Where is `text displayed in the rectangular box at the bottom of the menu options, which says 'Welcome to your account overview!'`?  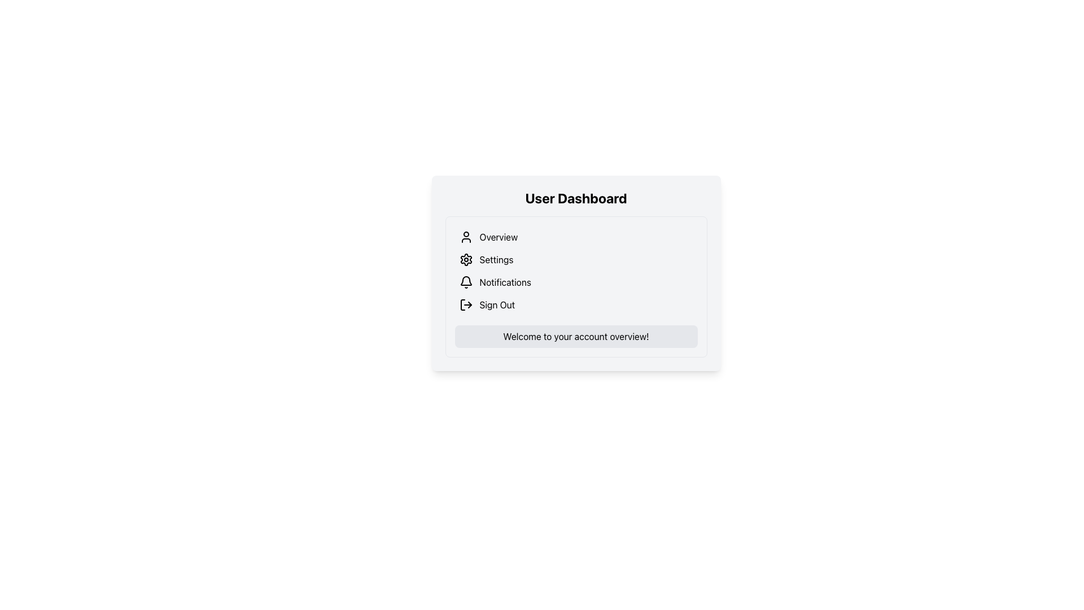
text displayed in the rectangular box at the bottom of the menu options, which says 'Welcome to your account overview!' is located at coordinates (576, 336).